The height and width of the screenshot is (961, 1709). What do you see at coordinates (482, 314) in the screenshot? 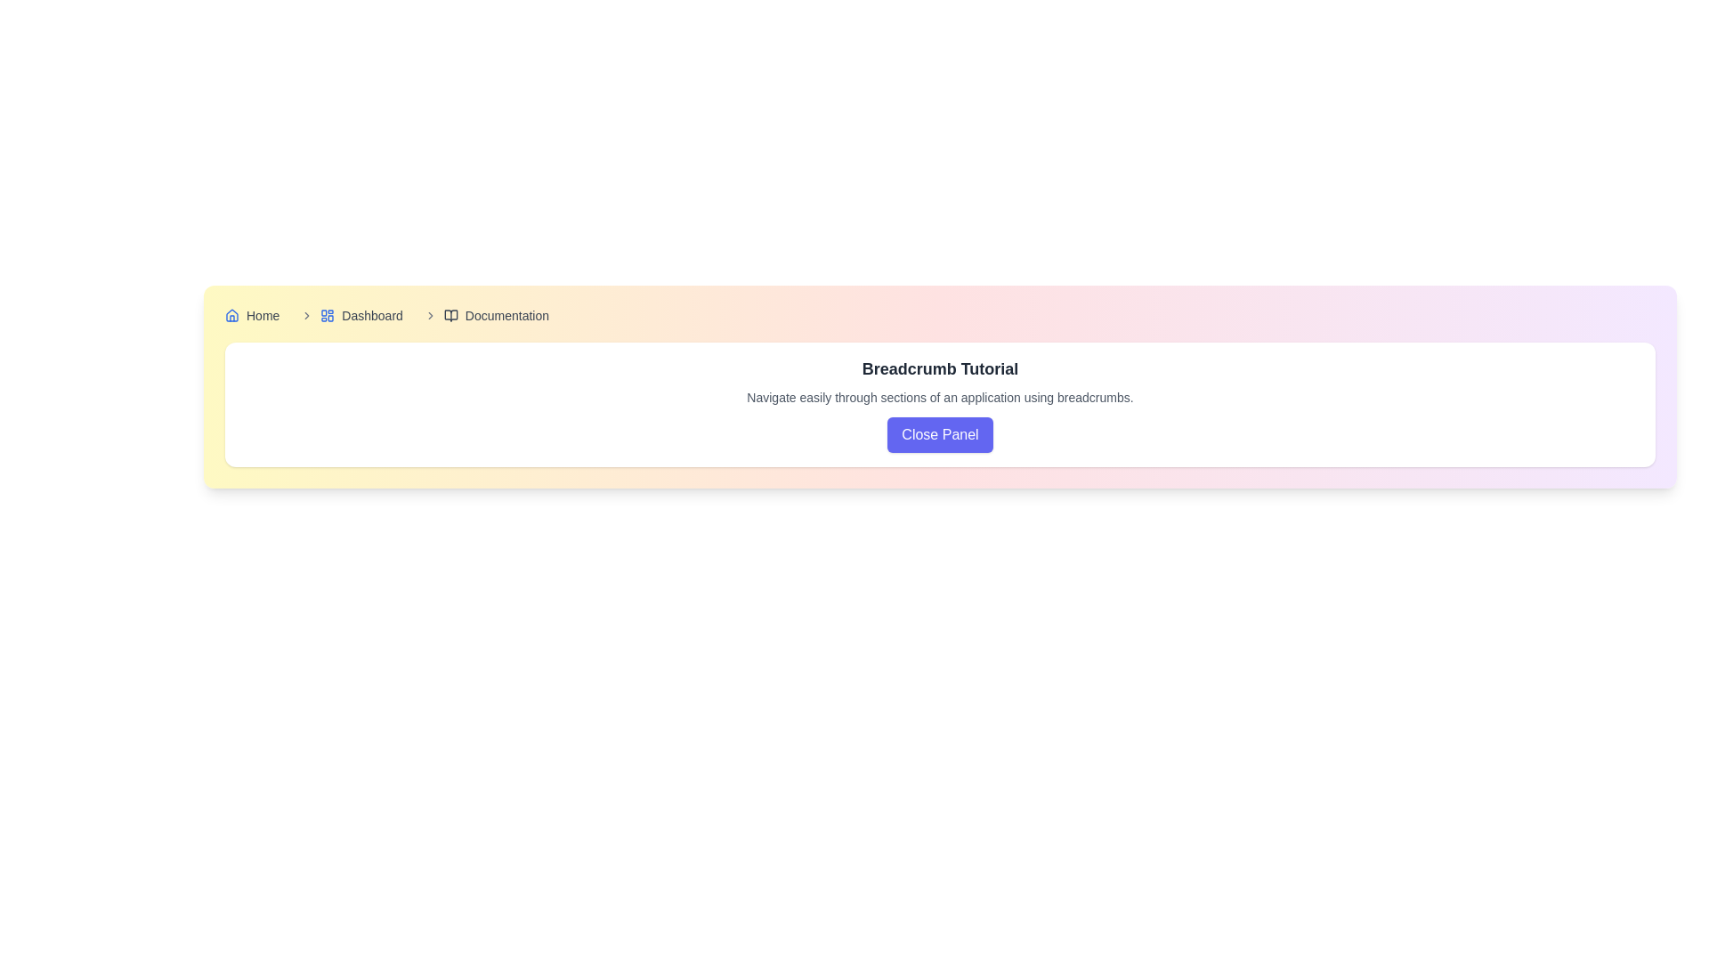
I see `the 'Documentation' breadcrumb item, which is the third item in the breadcrumb navigation bar` at bounding box center [482, 314].